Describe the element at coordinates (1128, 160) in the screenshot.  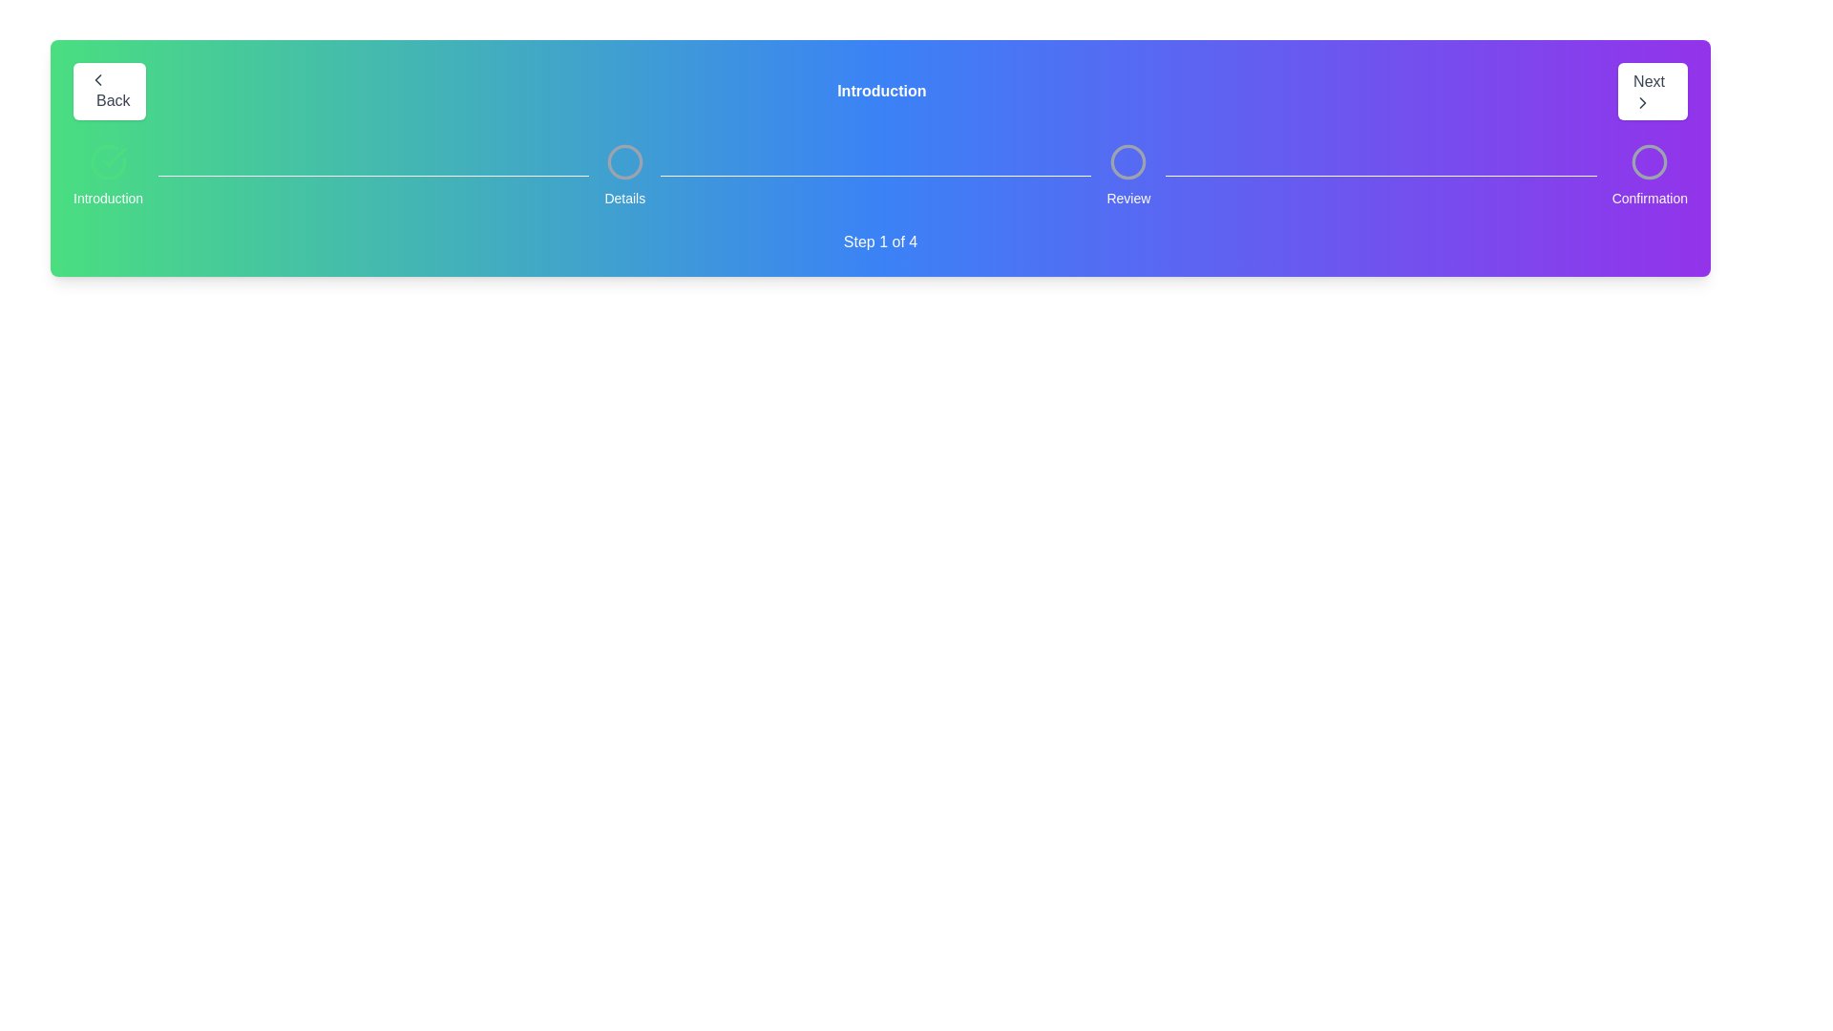
I see `the second circular step icon in the process timeline, located directly above the 'Review' label` at that location.